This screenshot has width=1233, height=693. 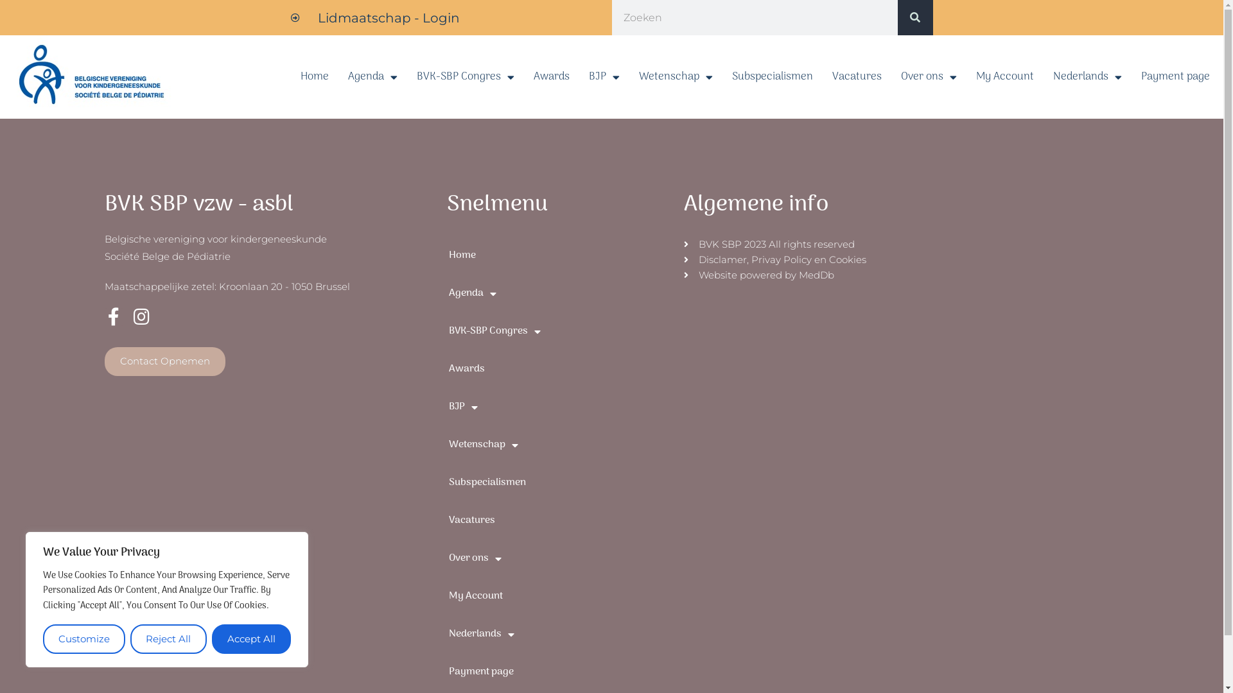 What do you see at coordinates (447, 633) in the screenshot?
I see `'Nederlands'` at bounding box center [447, 633].